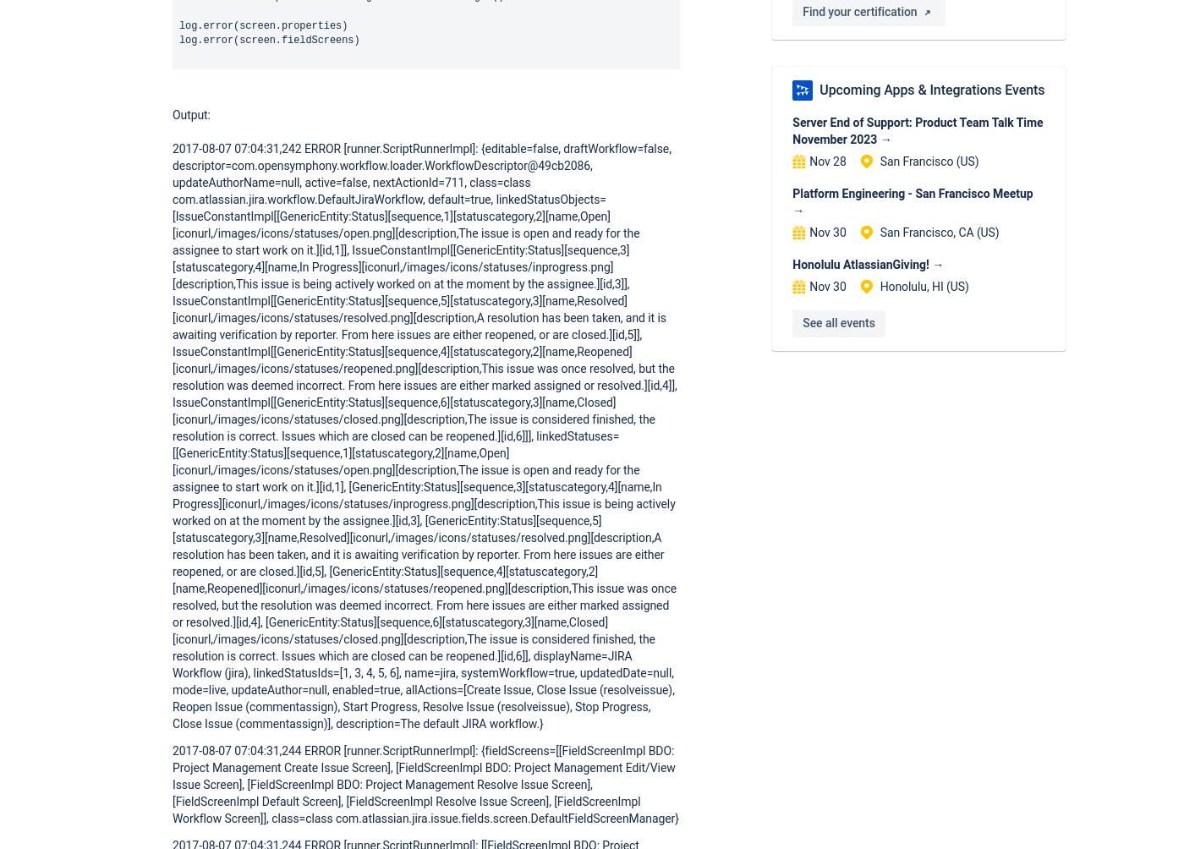 The image size is (1184, 849). Describe the element at coordinates (425, 782) in the screenshot. I see `'2017-08-07 07:04:31,244 ERROR [runner.ScriptRunnerImpl]: {fieldScreens=[[FieldScreenImpl BDO: Project Management Create Issue Screen], [FieldScreenImpl BDO: Project Management Edit/View Issue Screen], [FieldScreenImpl BDO: Project Management Resolve Issue Screen], [FieldScreenImpl Default Screen], [FieldScreenImpl Resolve Issue Screen], [FieldScreenImpl Workflow Screen]], class=class com.atlassian.jira.issue.fields.screen.DefaultFieldScreenManager}'` at that location.